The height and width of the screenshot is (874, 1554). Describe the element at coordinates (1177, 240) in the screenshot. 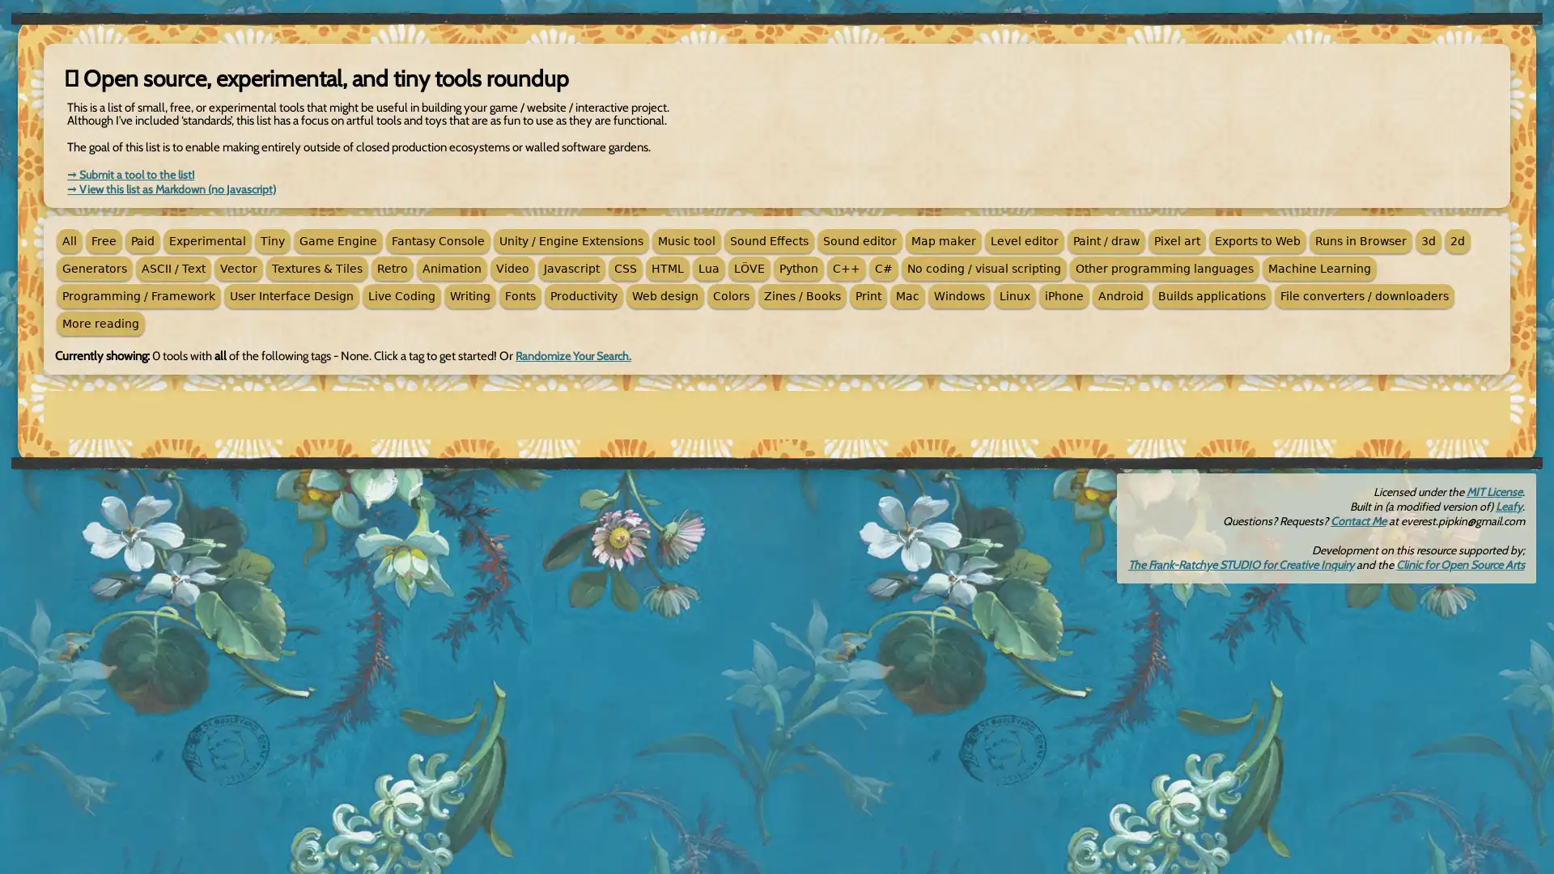

I see `Pixel art` at that location.